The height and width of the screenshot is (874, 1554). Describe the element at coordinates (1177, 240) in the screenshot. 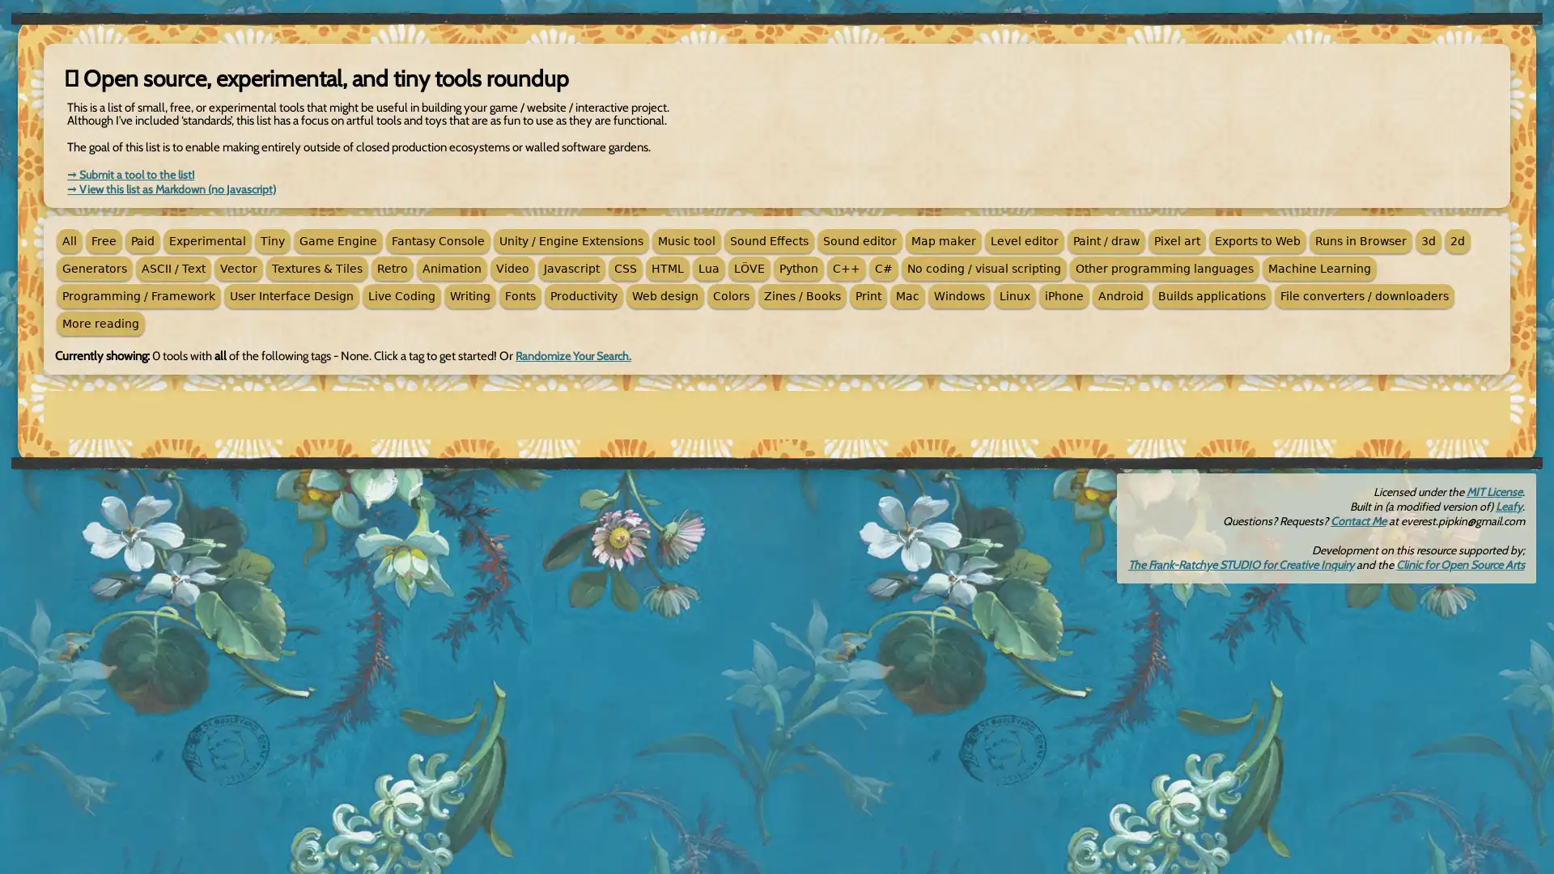

I see `Pixel art` at that location.